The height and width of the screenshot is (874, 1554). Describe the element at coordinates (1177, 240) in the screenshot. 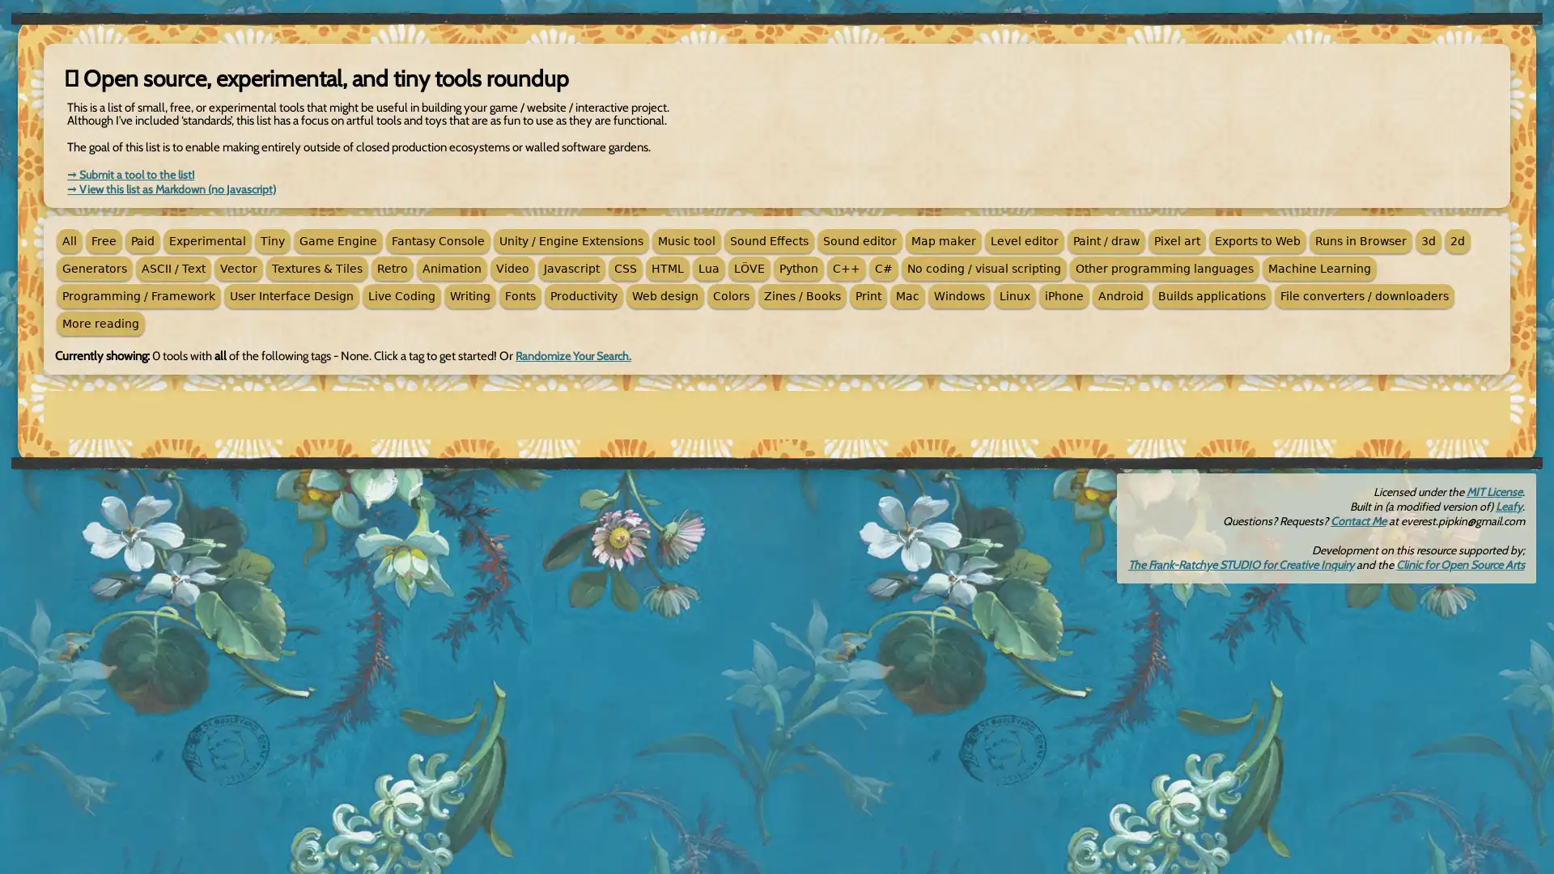

I see `Pixel art` at that location.